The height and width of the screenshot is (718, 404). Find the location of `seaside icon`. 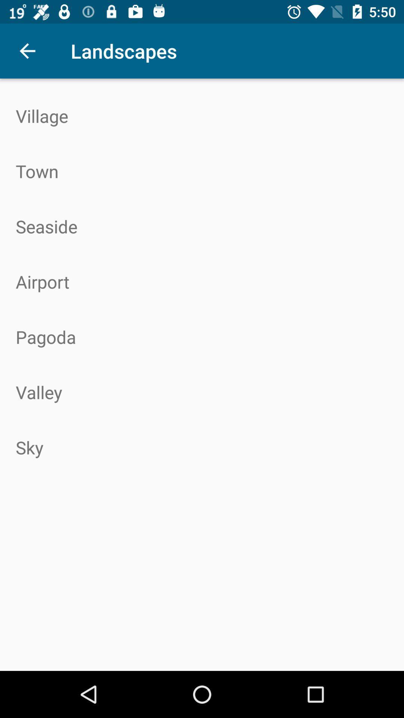

seaside icon is located at coordinates (202, 226).